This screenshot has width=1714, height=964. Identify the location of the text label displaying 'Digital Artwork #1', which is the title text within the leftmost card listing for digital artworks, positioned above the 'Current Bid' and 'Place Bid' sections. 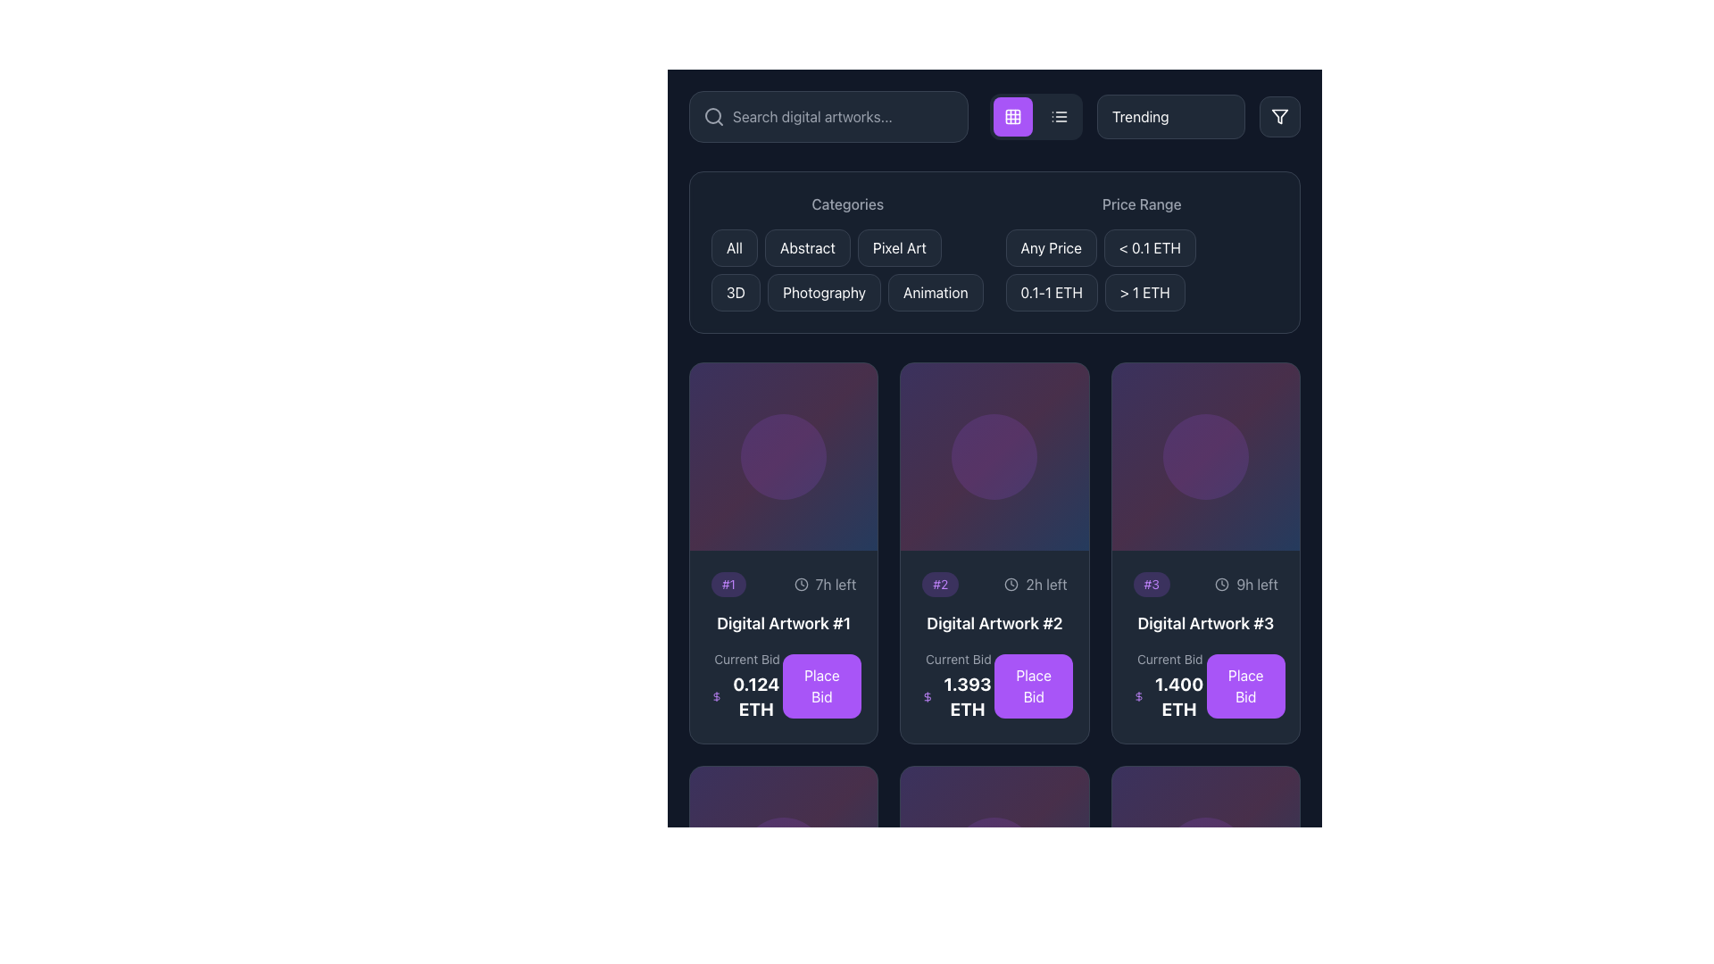
(784, 623).